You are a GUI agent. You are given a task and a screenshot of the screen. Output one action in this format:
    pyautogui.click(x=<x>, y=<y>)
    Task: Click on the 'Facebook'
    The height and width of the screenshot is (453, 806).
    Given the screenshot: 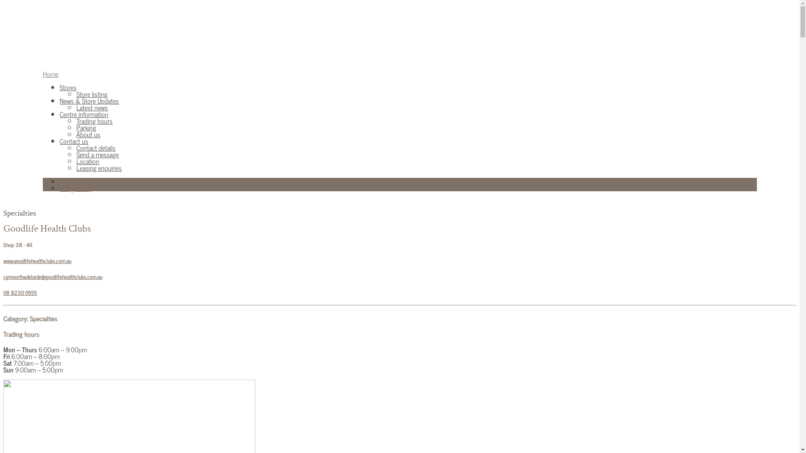 What is the action you would take?
    pyautogui.click(x=72, y=181)
    